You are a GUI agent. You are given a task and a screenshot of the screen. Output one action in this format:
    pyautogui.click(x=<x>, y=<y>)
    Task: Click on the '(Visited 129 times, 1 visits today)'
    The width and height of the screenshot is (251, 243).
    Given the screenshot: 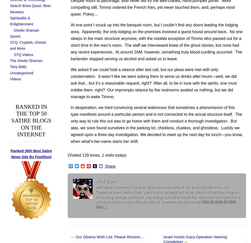 What is the action you would take?
    pyautogui.click(x=97, y=155)
    